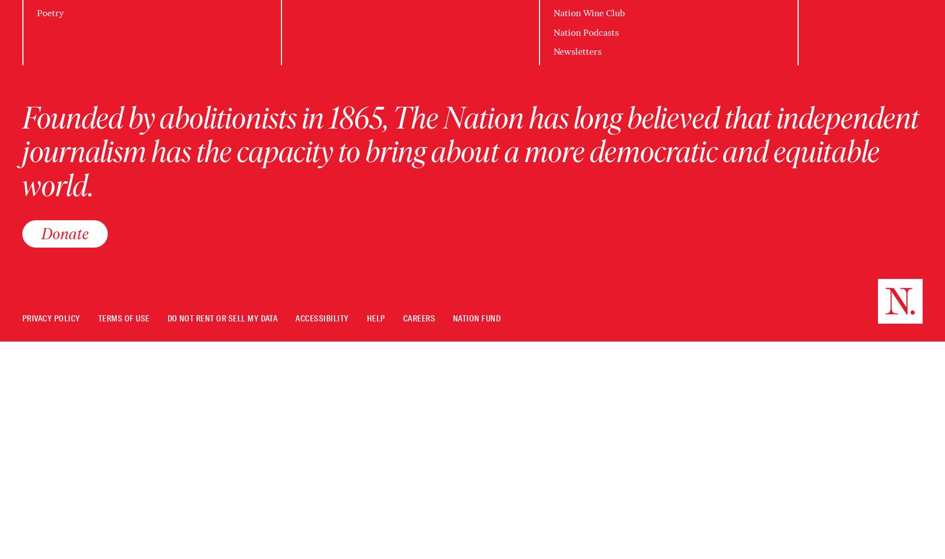 The height and width of the screenshot is (559, 945). What do you see at coordinates (585, 32) in the screenshot?
I see `'Nation Podcasts'` at bounding box center [585, 32].